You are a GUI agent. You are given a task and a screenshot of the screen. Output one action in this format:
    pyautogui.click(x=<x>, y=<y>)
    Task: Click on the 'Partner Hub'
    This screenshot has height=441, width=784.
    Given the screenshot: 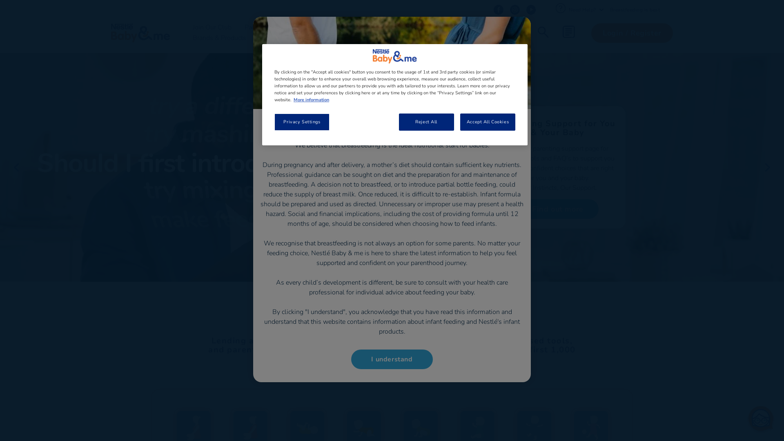 What is the action you would take?
    pyautogui.click(x=445, y=27)
    